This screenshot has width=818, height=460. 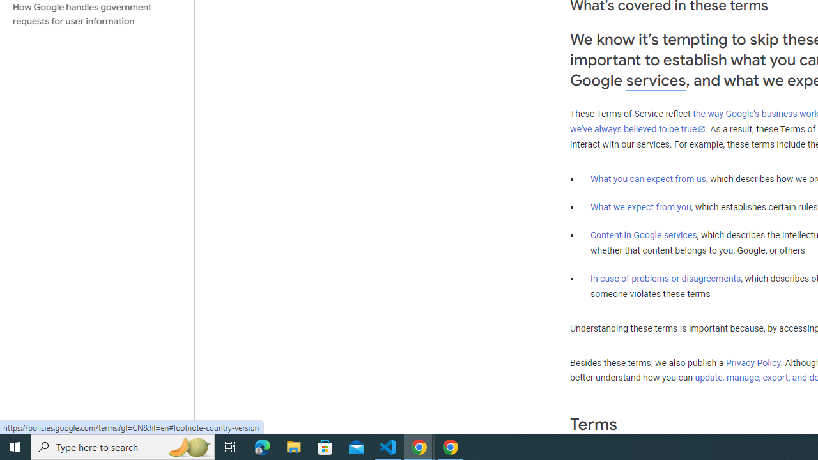 I want to click on 'In case of problems or disagreements', so click(x=665, y=277).